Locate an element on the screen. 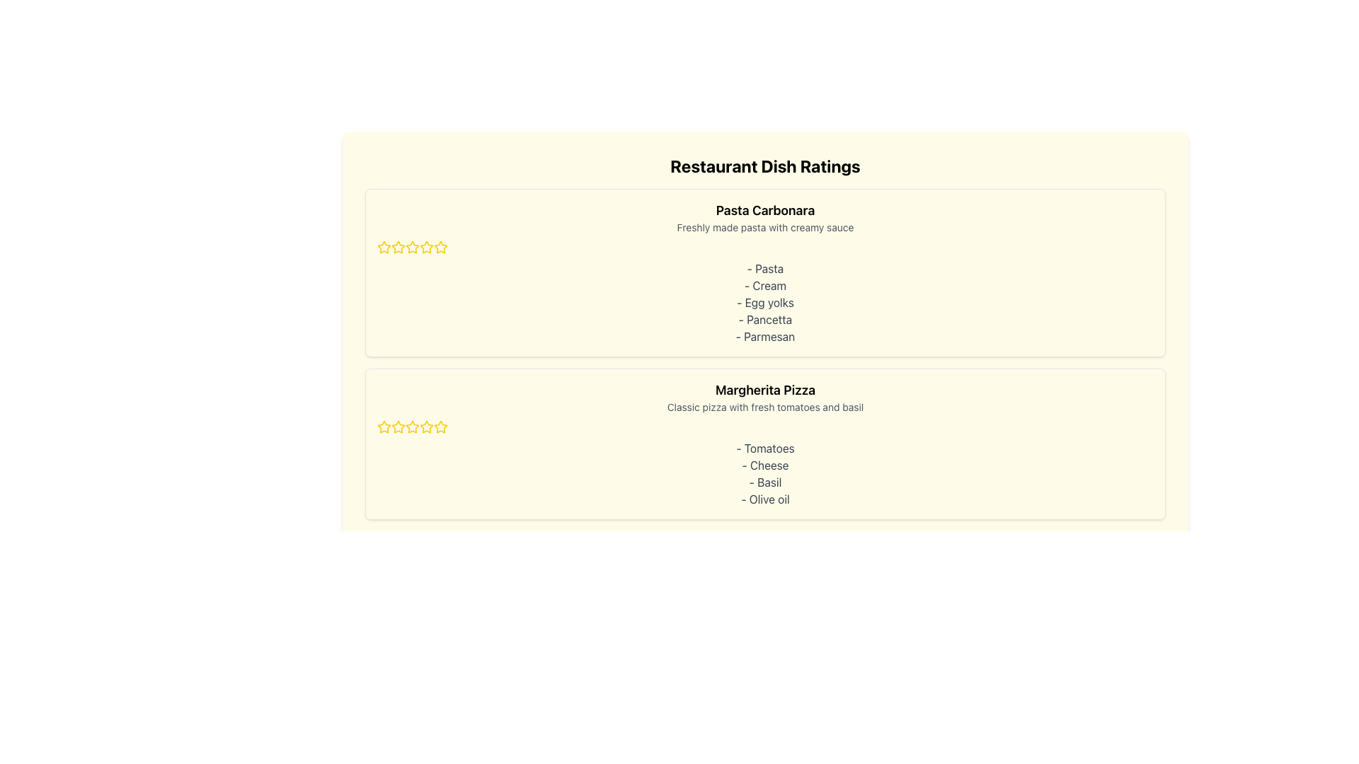 This screenshot has height=764, width=1359. the text display that shows 'Freshly made pasta with creamy sauce' located below the title 'Pasta Carbonara' is located at coordinates (764, 226).